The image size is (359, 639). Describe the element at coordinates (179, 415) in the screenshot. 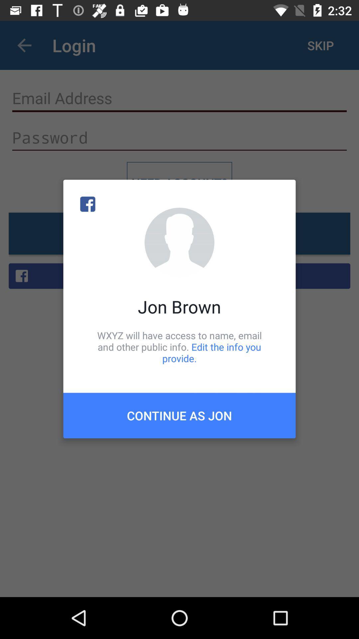

I see `the continue as jon item` at that location.